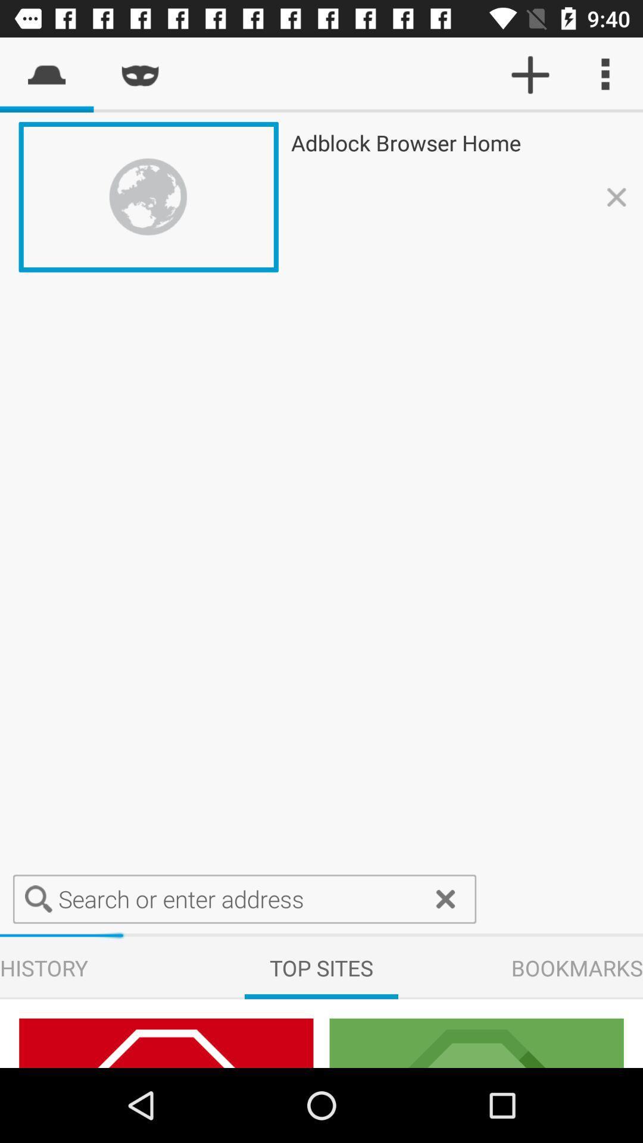  I want to click on icon which is right to text ad block browser home, so click(616, 197).